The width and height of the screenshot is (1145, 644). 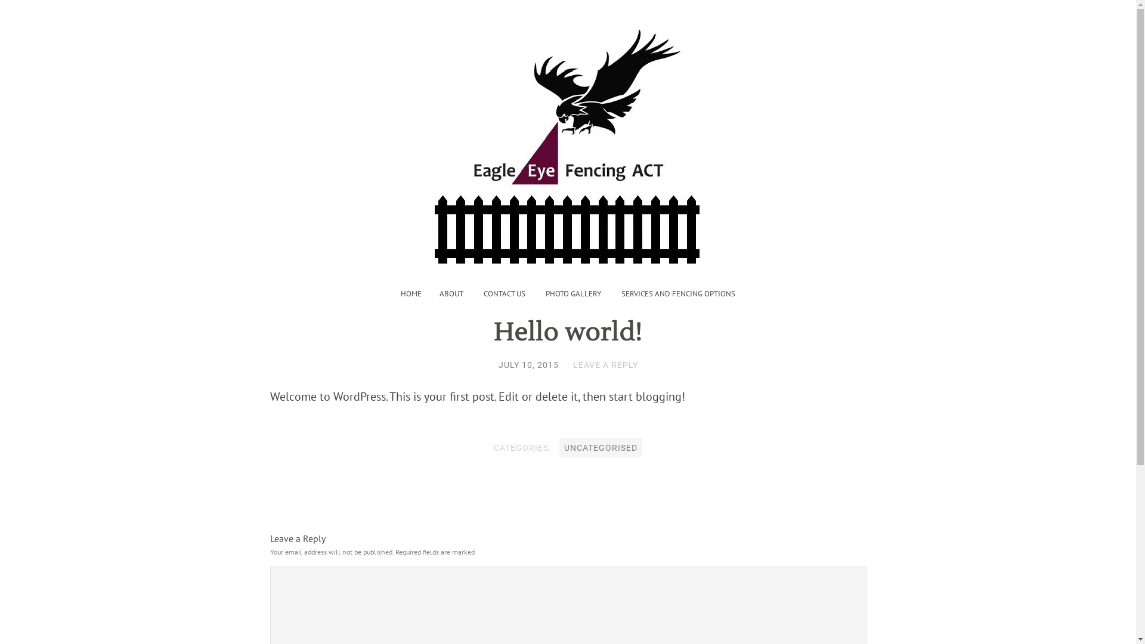 I want to click on 'SERVICES AND FENCING OPTIONS', so click(x=678, y=293).